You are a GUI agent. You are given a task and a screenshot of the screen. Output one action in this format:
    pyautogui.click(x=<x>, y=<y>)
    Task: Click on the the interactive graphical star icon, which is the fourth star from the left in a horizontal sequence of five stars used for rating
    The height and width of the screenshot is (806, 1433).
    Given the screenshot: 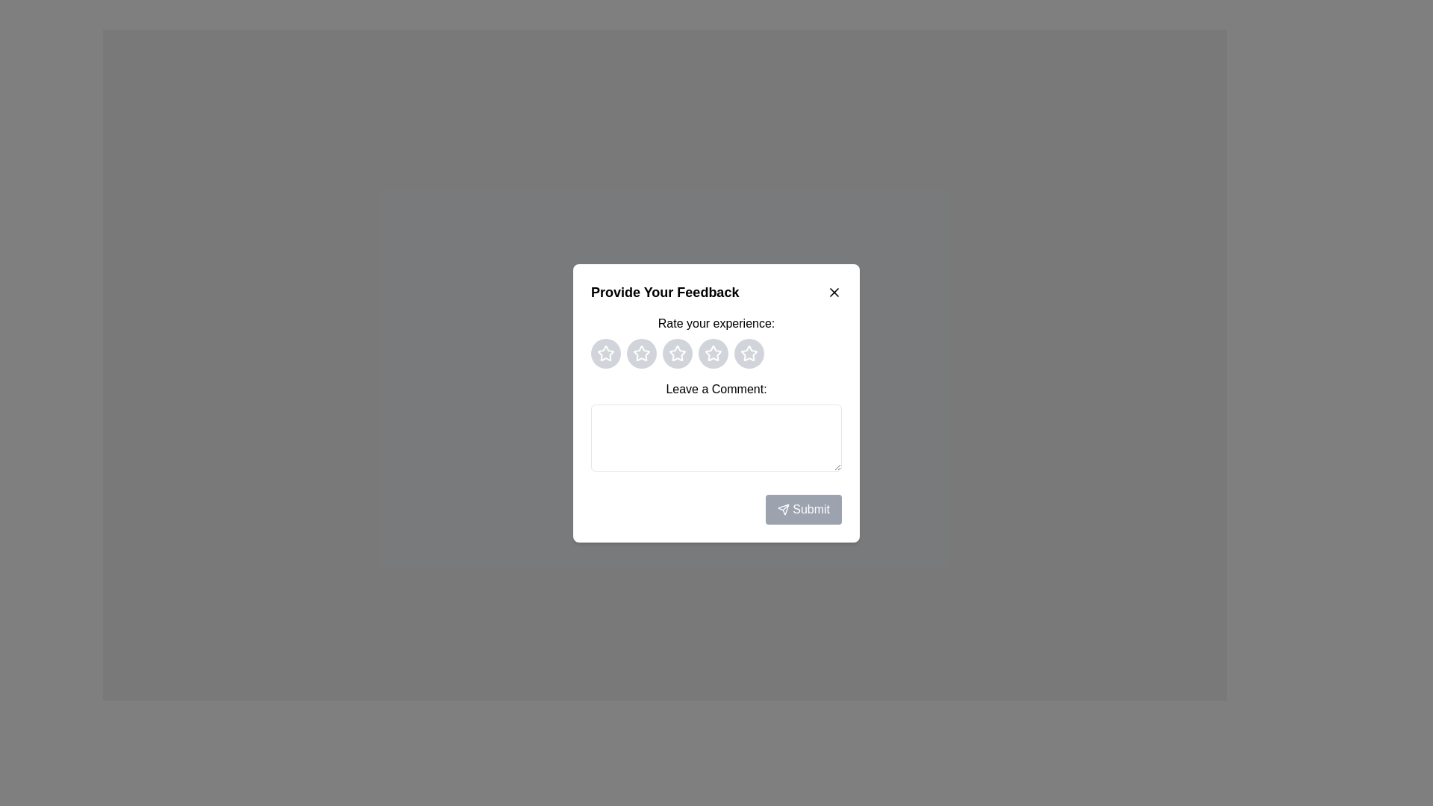 What is the action you would take?
    pyautogui.click(x=749, y=353)
    